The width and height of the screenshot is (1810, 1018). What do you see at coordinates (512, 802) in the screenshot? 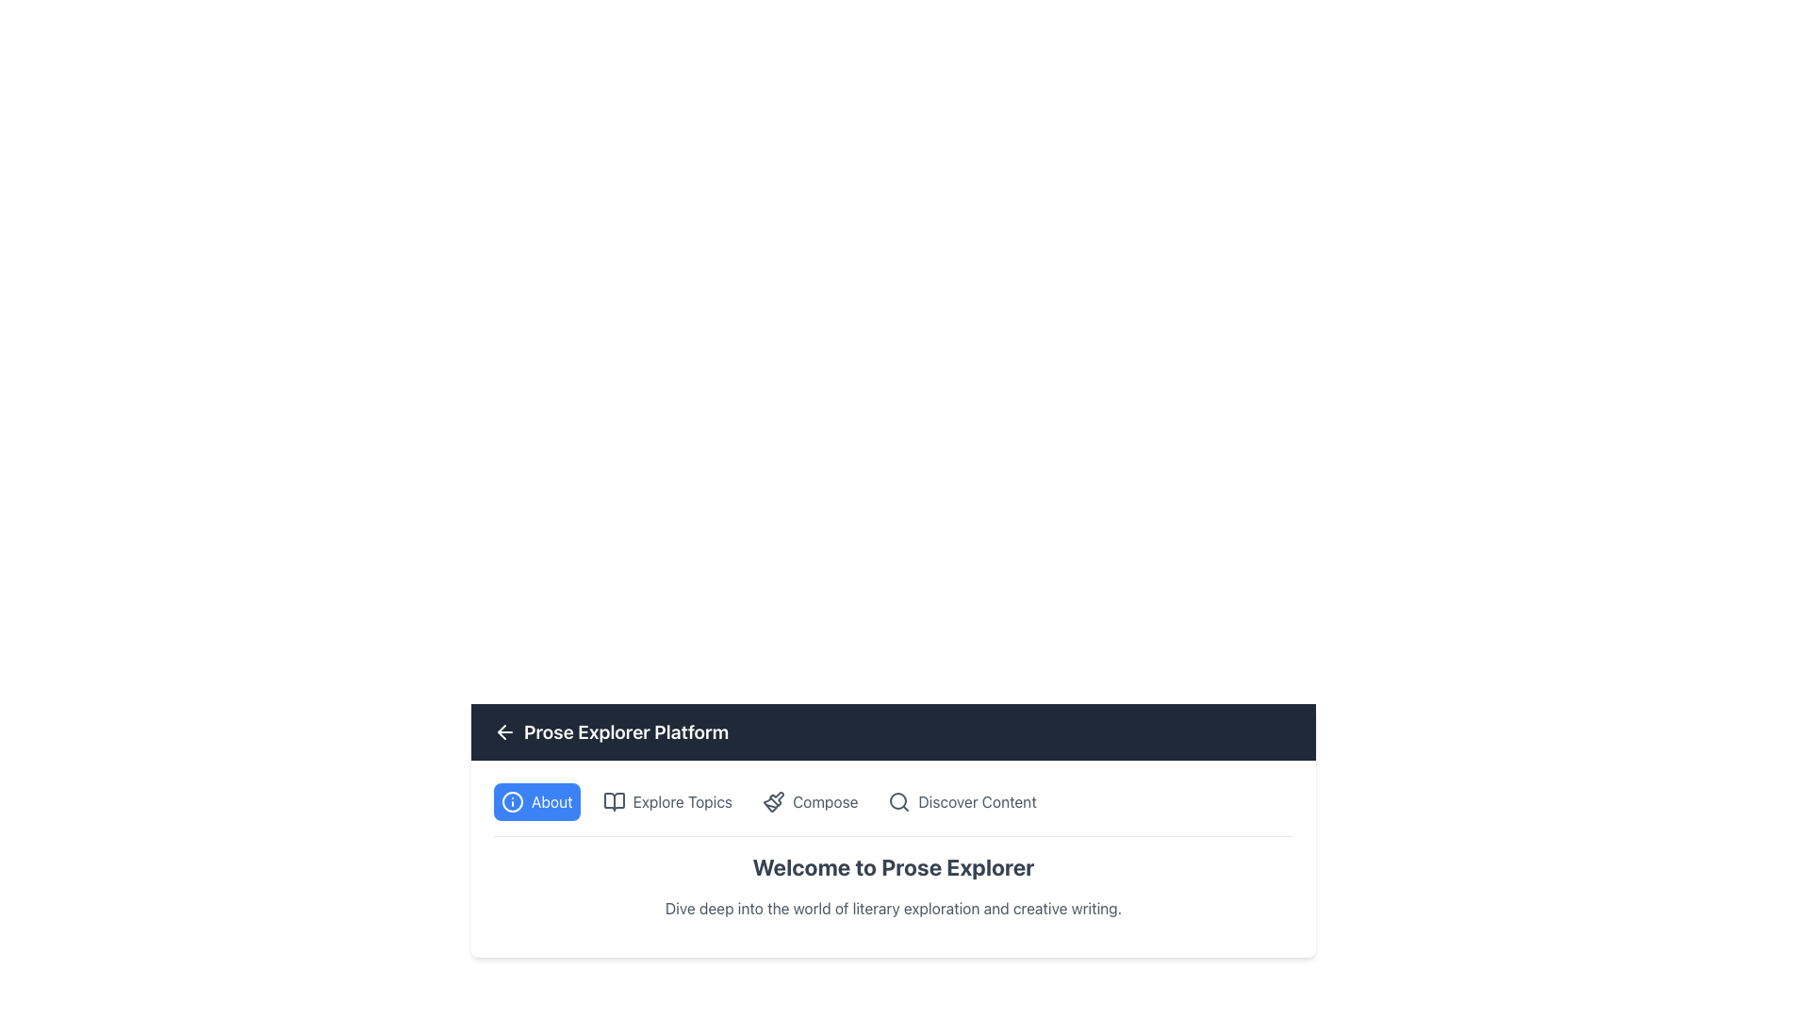
I see `the information icon, which is a circular icon with an outlined border and a vertical line extending upwards, located within the blue 'About' button` at bounding box center [512, 802].